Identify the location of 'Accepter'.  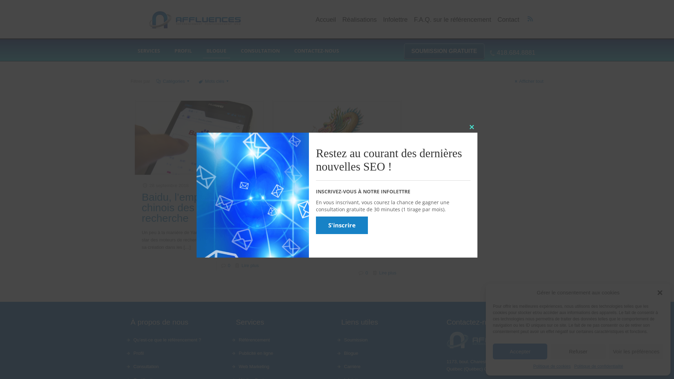
(492, 351).